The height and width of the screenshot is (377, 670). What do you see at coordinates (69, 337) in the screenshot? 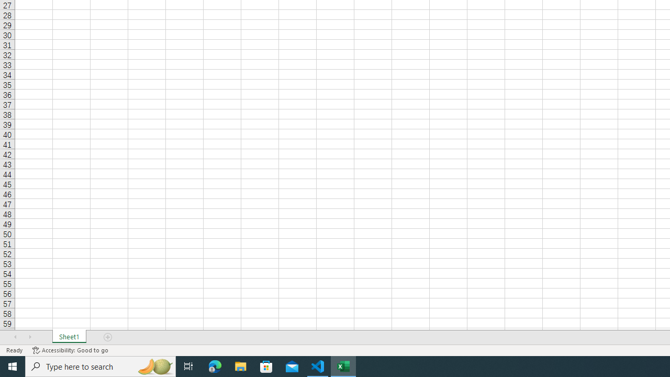
I see `'Sheet1'` at bounding box center [69, 337].